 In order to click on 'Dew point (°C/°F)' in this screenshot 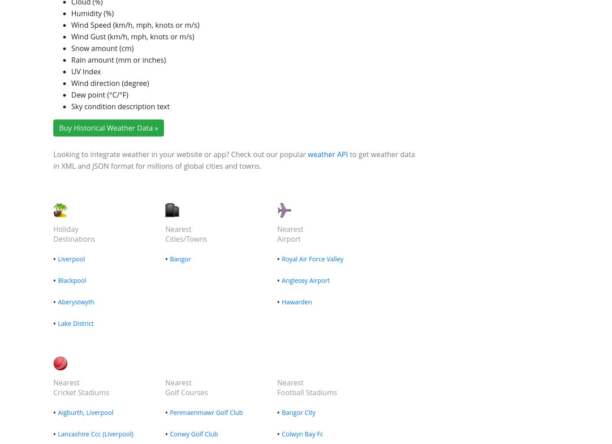, I will do `click(71, 94)`.